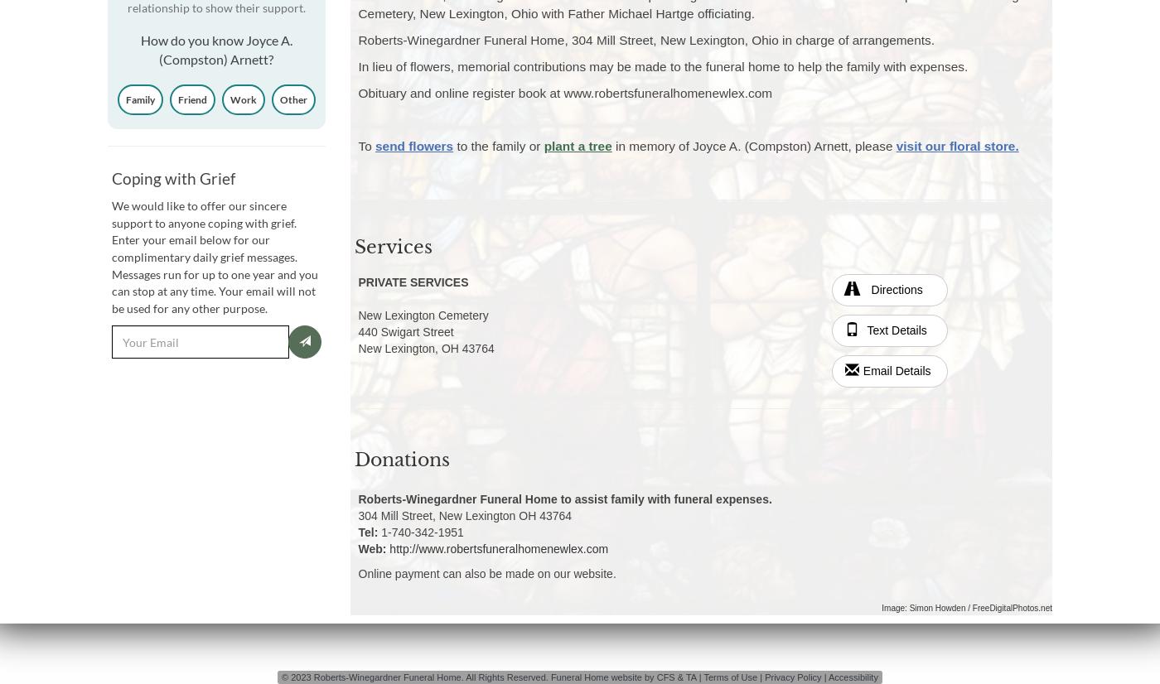  What do you see at coordinates (679, 676) in the screenshot?
I see `'&'` at bounding box center [679, 676].